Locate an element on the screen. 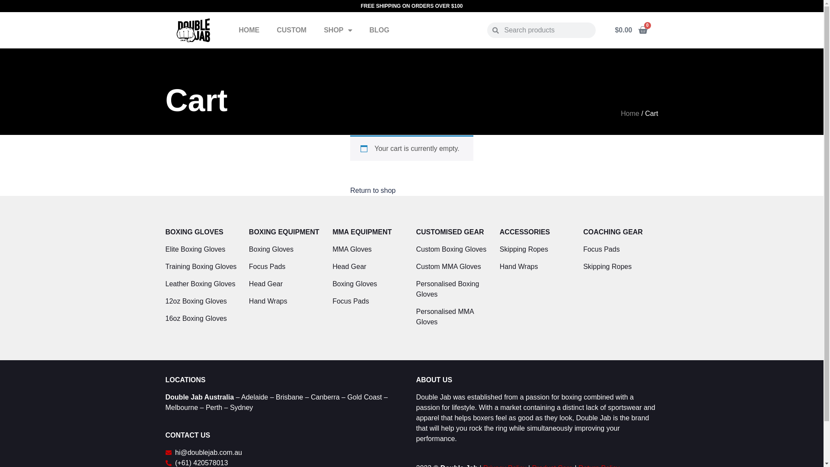  'HOME' is located at coordinates (249, 29).